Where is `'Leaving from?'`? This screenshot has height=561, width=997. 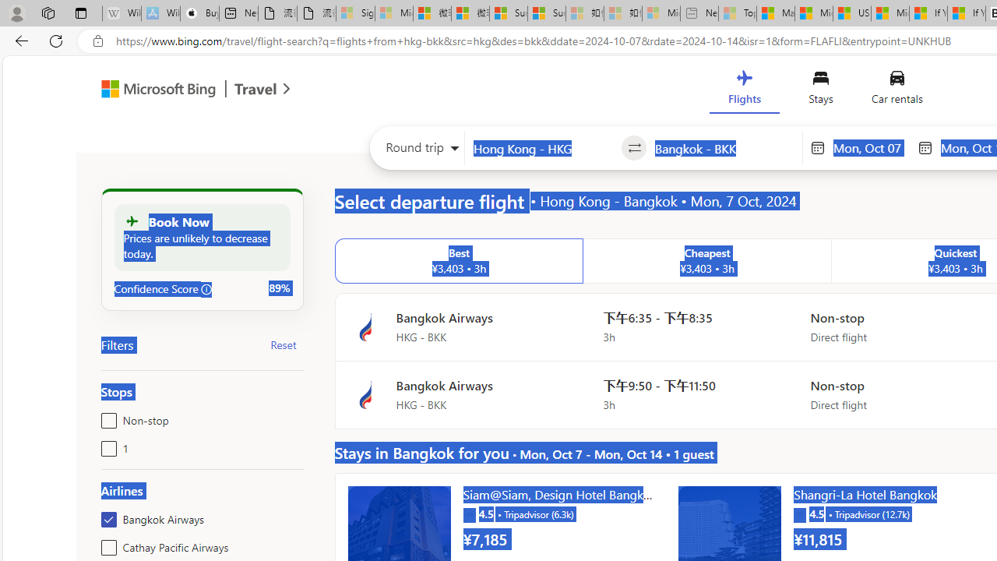 'Leaving from?' is located at coordinates (543, 148).